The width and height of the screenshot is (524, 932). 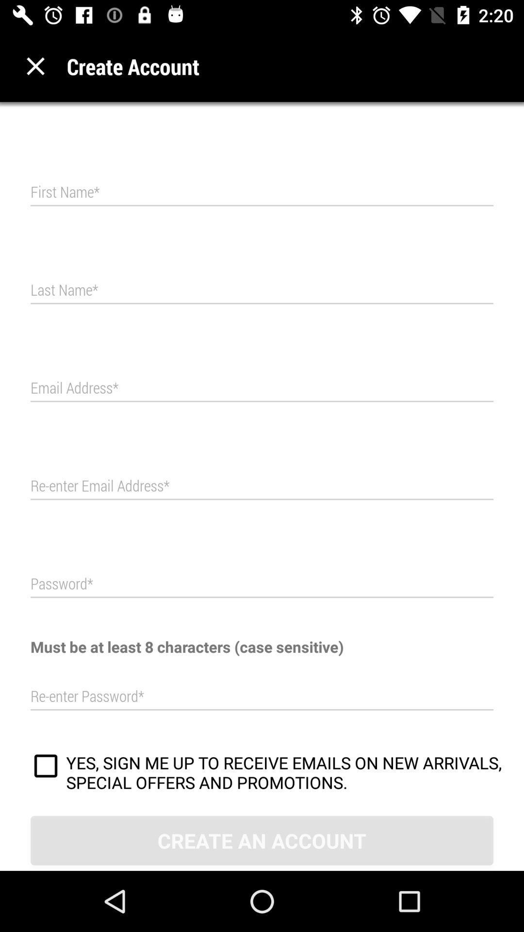 What do you see at coordinates (262, 839) in the screenshot?
I see `create an account` at bounding box center [262, 839].